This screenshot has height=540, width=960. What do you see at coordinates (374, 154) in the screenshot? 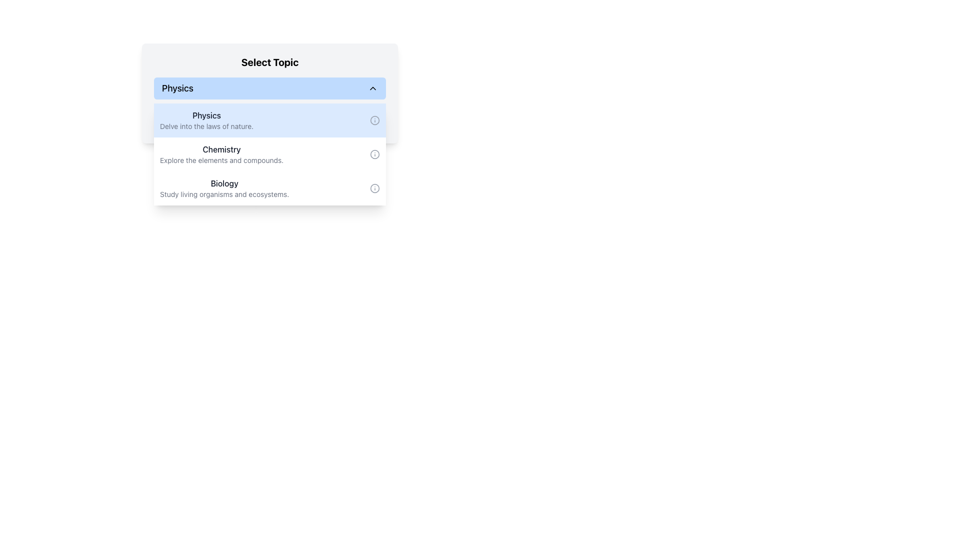
I see `the informational help icon located on the right-hand side of the 'Explore the elements and compounds' text in the Chemistry topic row` at bounding box center [374, 154].